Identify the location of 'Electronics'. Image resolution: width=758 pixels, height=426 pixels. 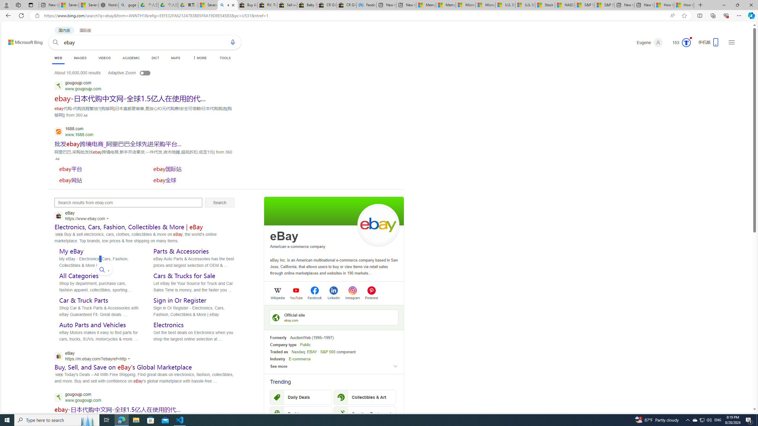
(168, 325).